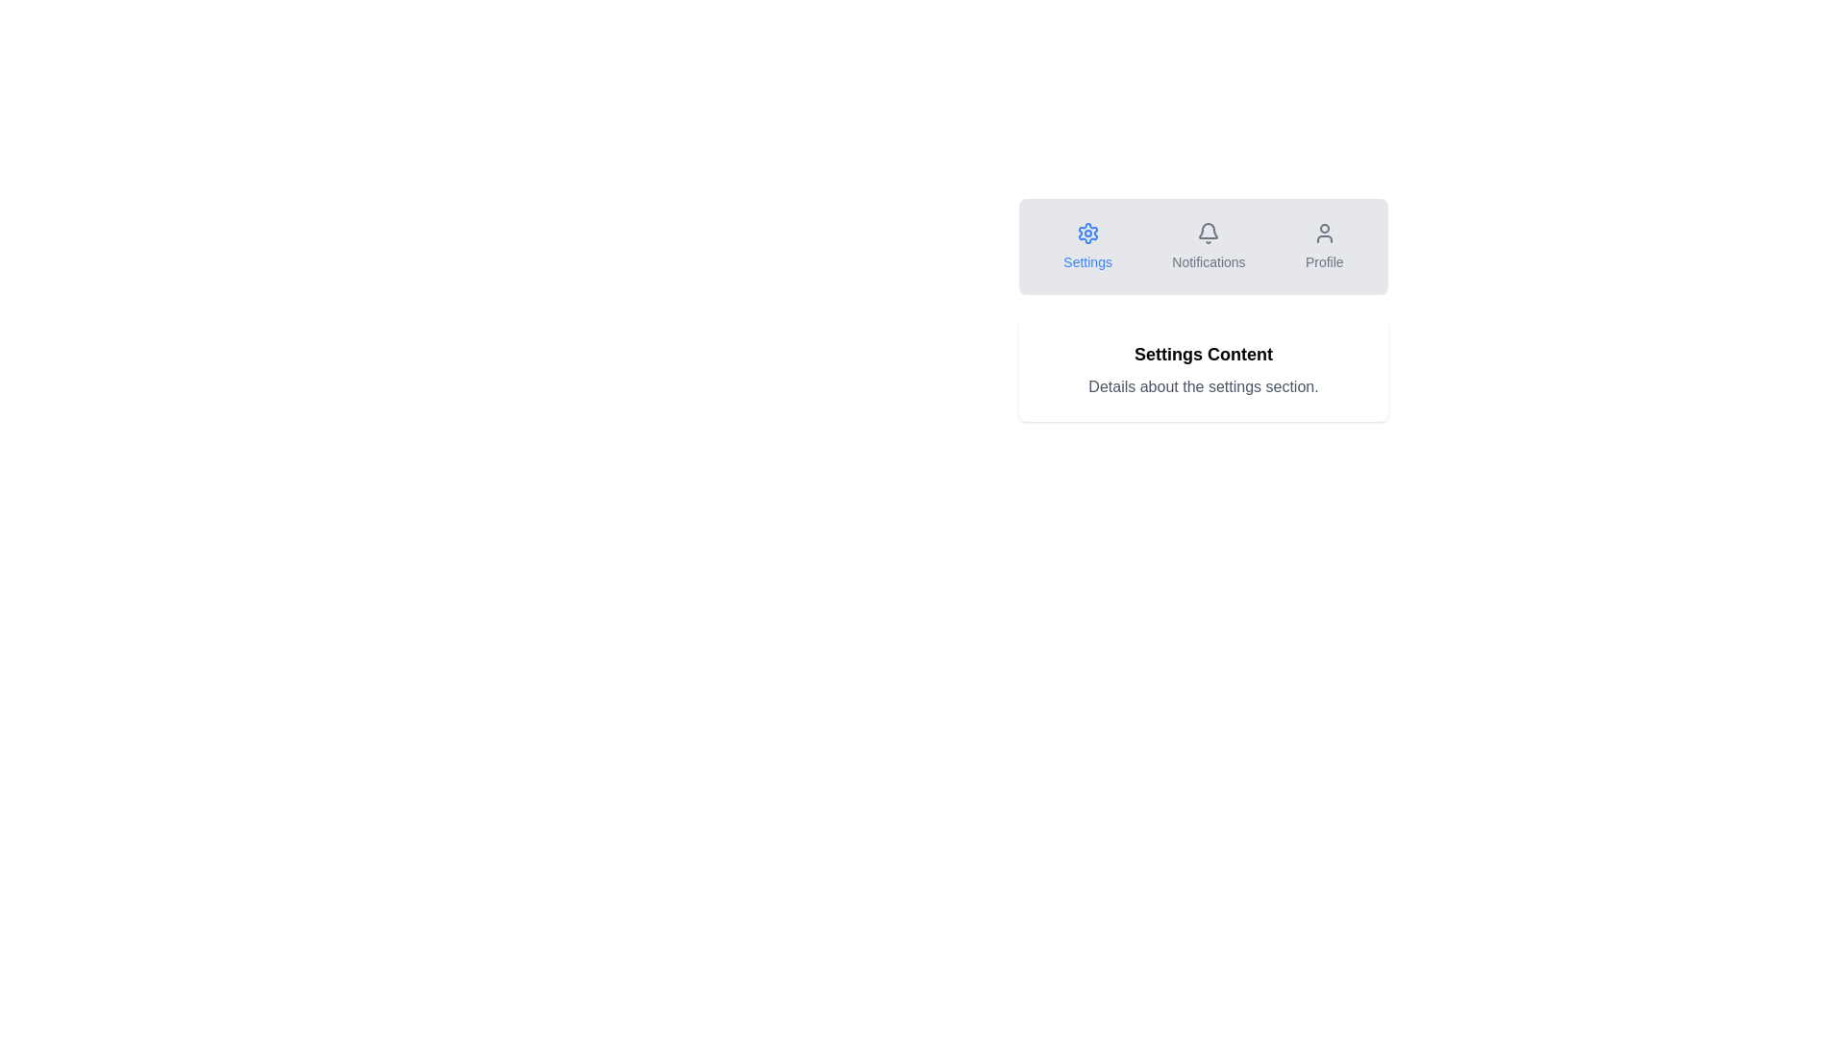 Image resolution: width=1846 pixels, height=1038 pixels. Describe the element at coordinates (1203, 370) in the screenshot. I see `the descriptive section detailing a specific part of the settings interface, located below the navigation bar` at that location.